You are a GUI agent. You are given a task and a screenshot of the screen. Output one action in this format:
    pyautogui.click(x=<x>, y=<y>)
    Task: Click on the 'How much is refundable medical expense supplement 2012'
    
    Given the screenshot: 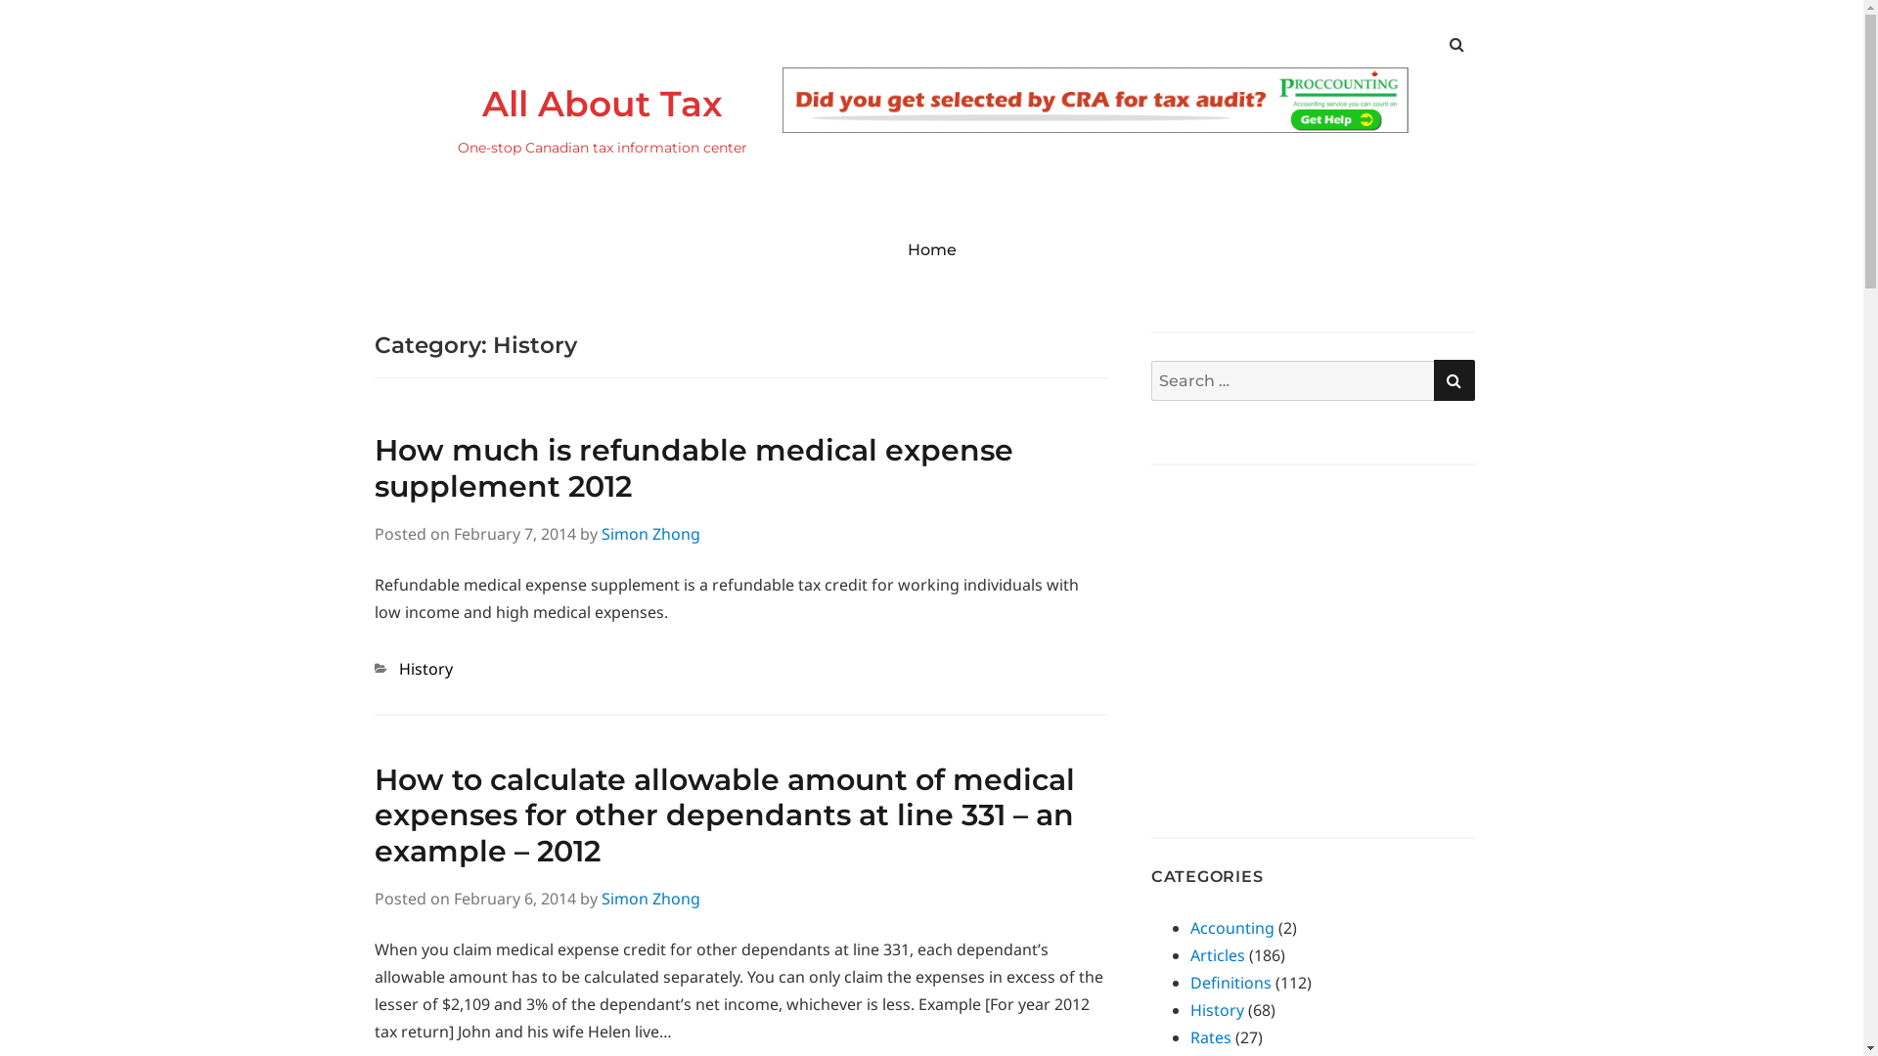 What is the action you would take?
    pyautogui.click(x=693, y=467)
    